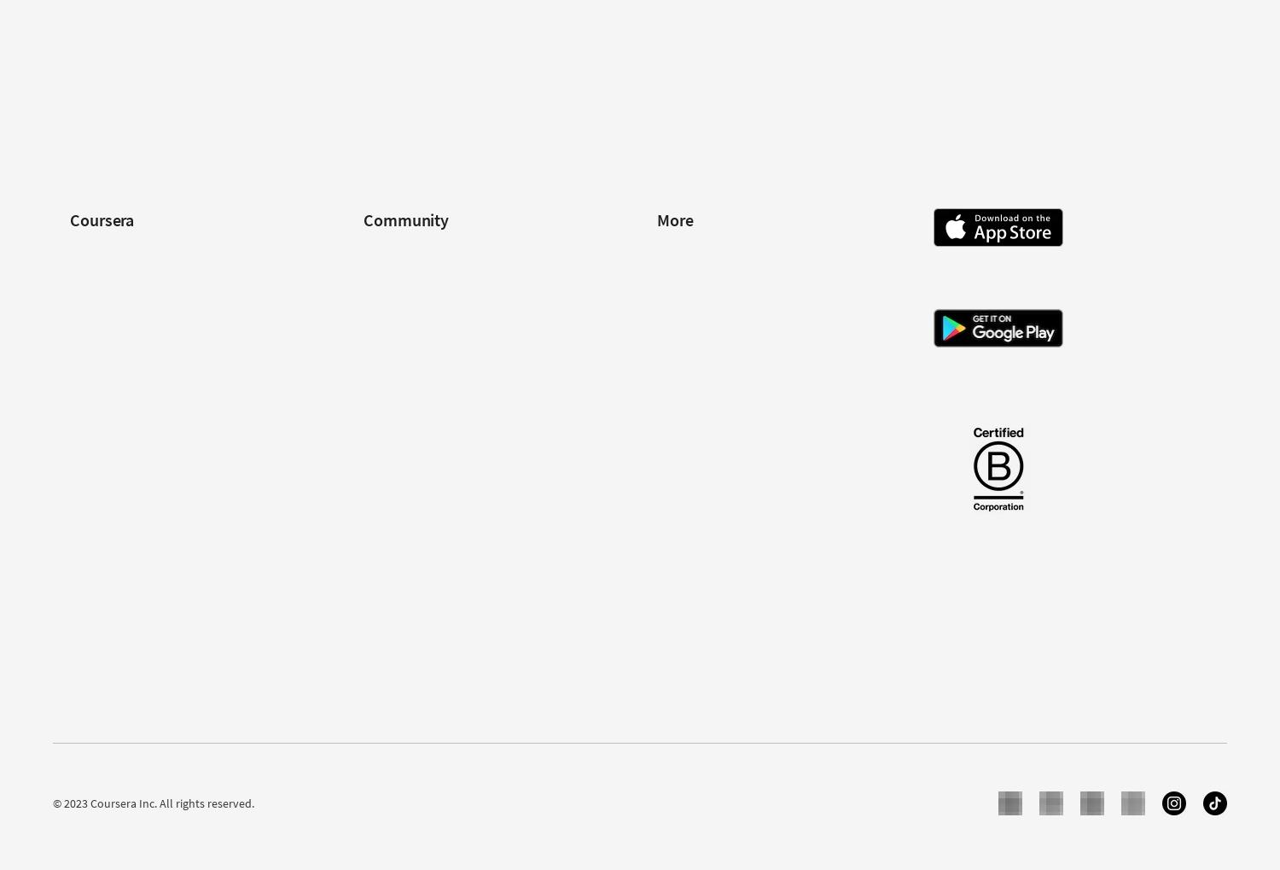 Image resolution: width=1280 pixels, height=870 pixels. What do you see at coordinates (97, 302) in the screenshot?
I see `'Leadership'` at bounding box center [97, 302].